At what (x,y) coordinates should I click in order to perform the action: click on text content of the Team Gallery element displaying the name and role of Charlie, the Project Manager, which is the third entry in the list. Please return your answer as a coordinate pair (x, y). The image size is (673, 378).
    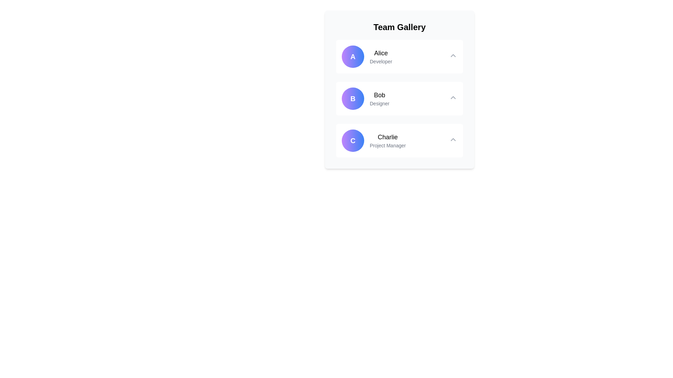
    Looking at the image, I should click on (387, 140).